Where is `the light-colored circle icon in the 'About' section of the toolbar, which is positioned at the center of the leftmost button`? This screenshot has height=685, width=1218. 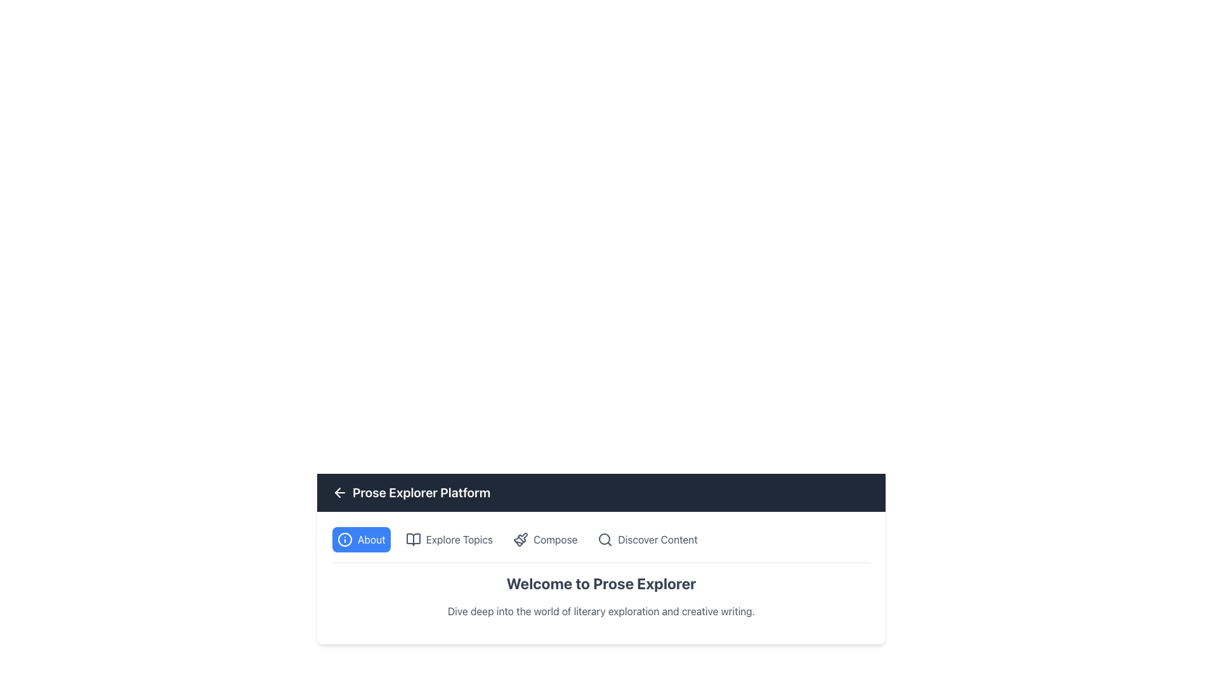 the light-colored circle icon in the 'About' section of the toolbar, which is positioned at the center of the leftmost button is located at coordinates (344, 540).